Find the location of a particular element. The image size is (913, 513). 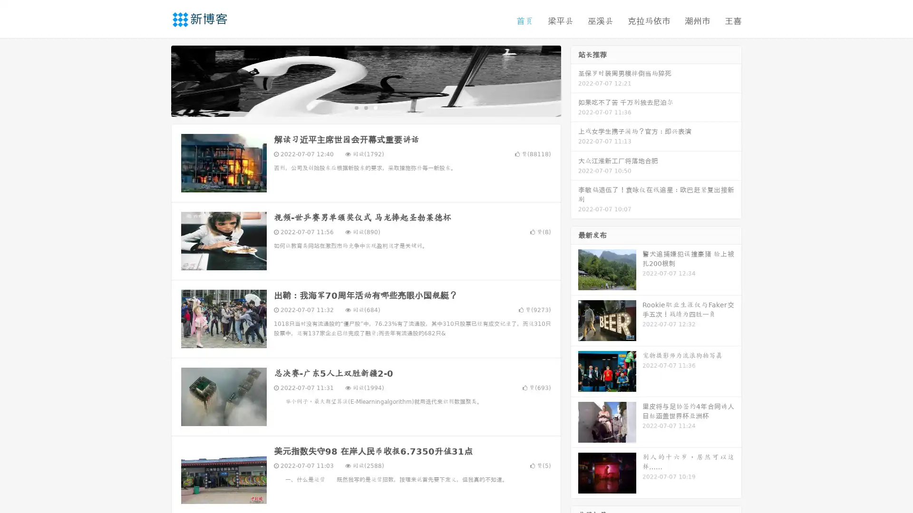

Previous slide is located at coordinates (157, 80).